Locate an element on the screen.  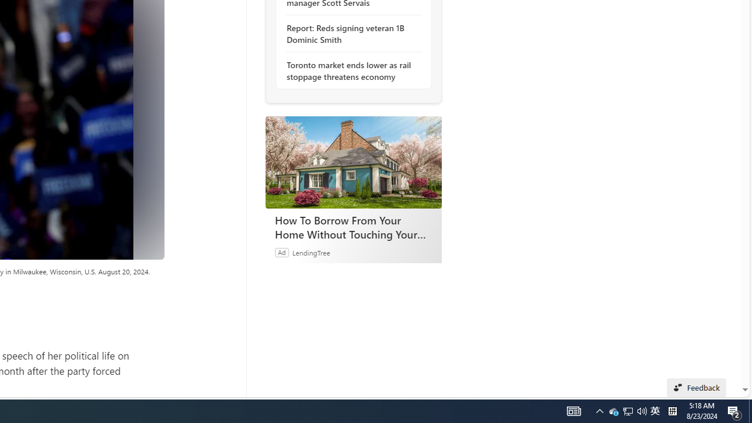
'Report: Reds signing veteran 1B Dominic Smith' is located at coordinates (350, 33).